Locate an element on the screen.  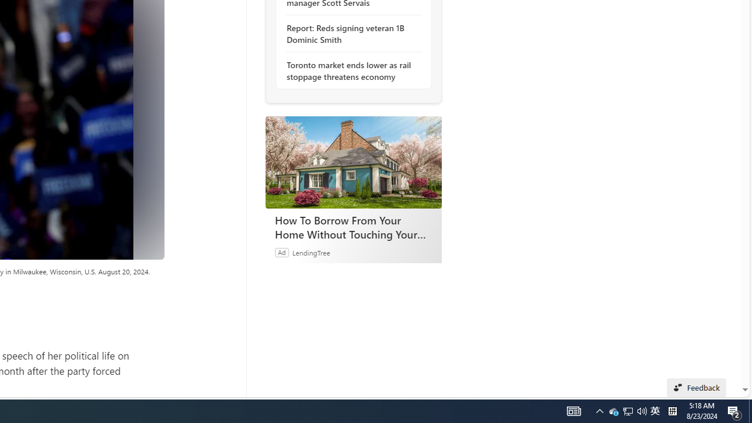
'Report: Reds signing veteran 1B Dominic Smith' is located at coordinates (350, 33).